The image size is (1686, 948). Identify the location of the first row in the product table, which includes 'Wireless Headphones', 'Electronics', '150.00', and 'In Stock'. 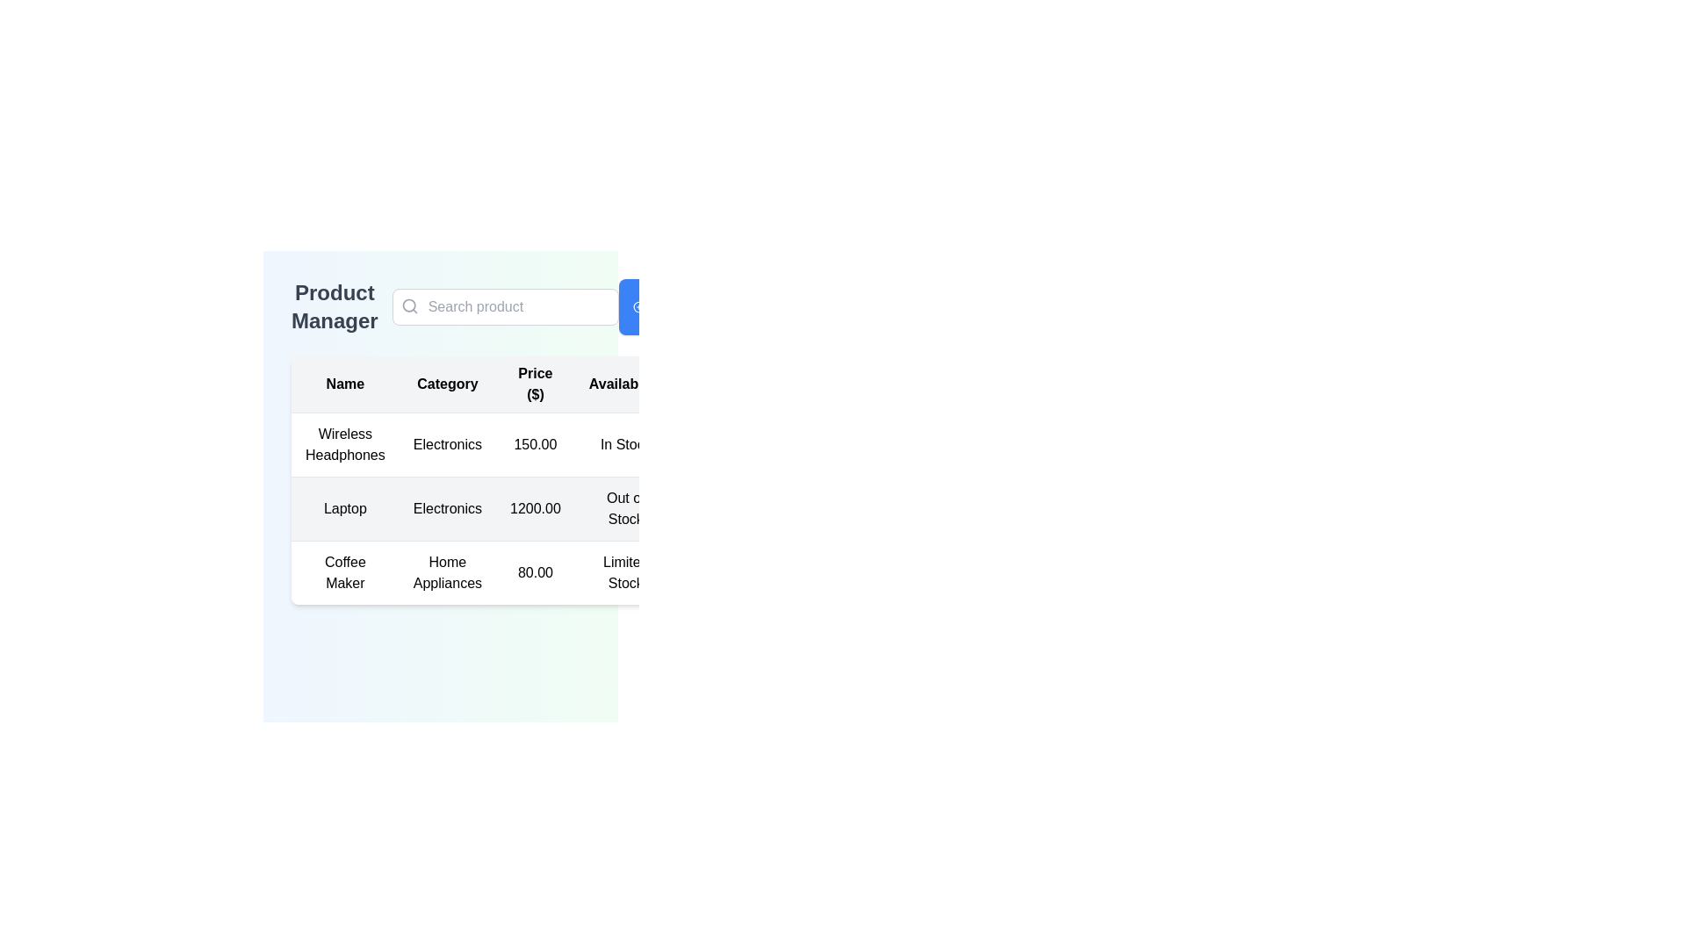
(532, 443).